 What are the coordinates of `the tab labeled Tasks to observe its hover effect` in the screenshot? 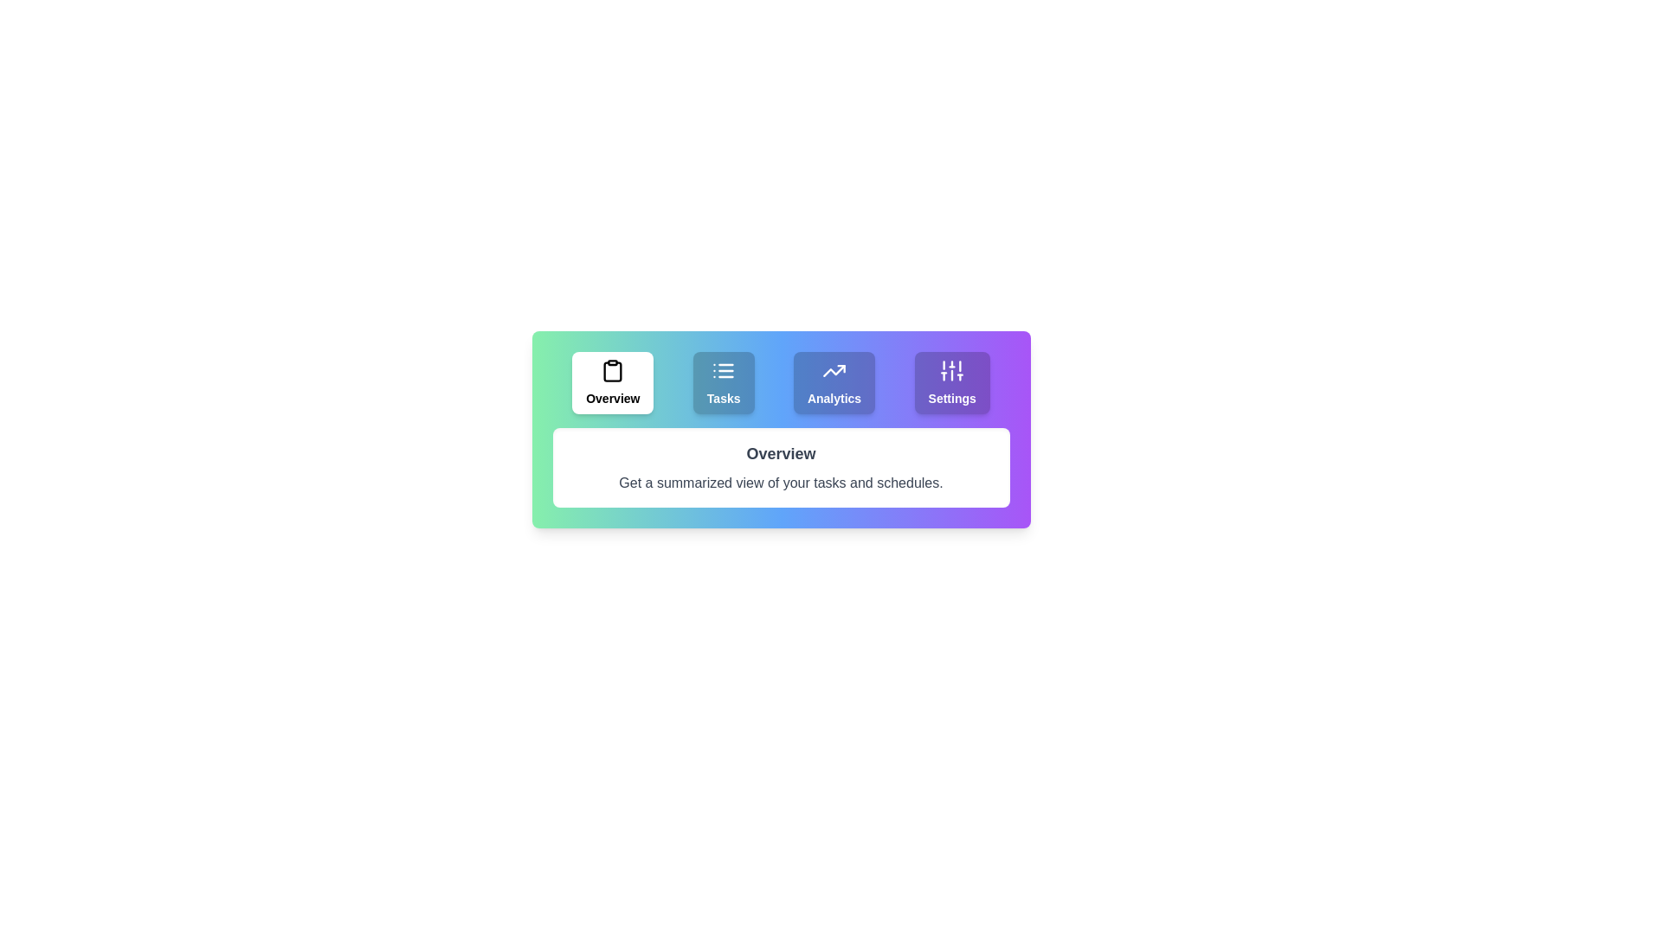 It's located at (723, 382).